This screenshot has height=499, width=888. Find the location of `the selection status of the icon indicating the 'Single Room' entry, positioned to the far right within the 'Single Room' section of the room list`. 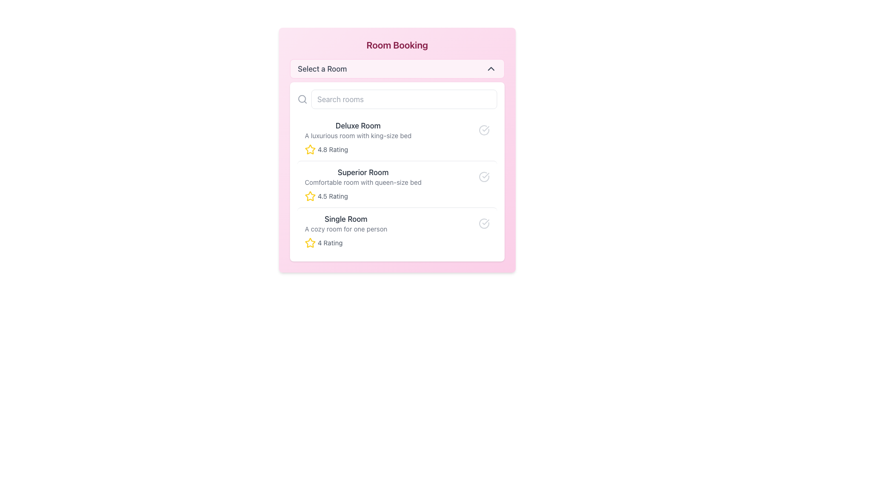

the selection status of the icon indicating the 'Single Room' entry, positioned to the far right within the 'Single Room' section of the room list is located at coordinates (483, 223).